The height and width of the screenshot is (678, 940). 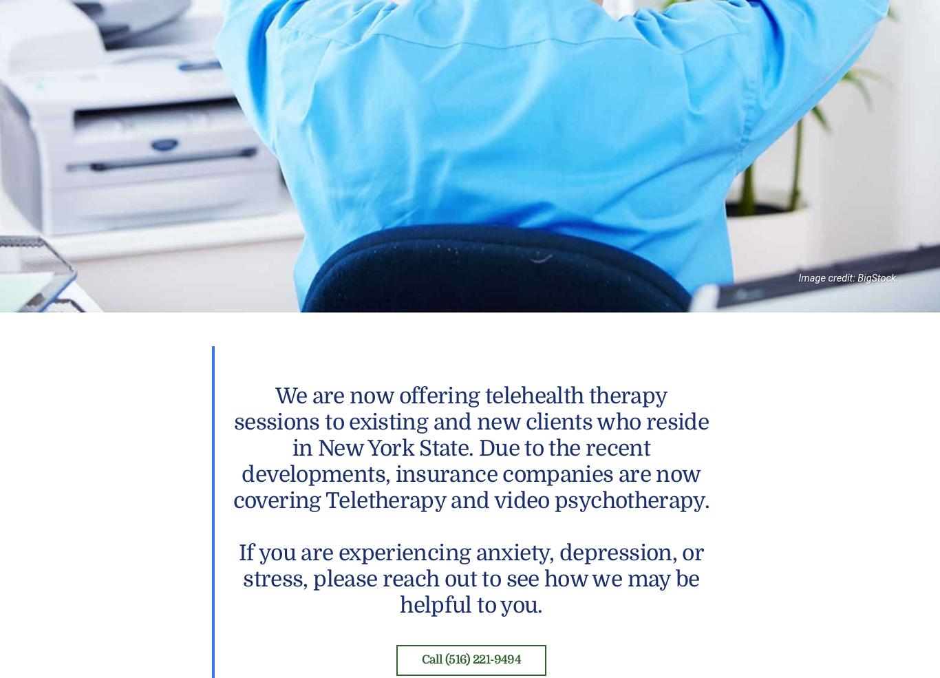 What do you see at coordinates (240, 40) in the screenshot?
I see `'Tagged in:'` at bounding box center [240, 40].